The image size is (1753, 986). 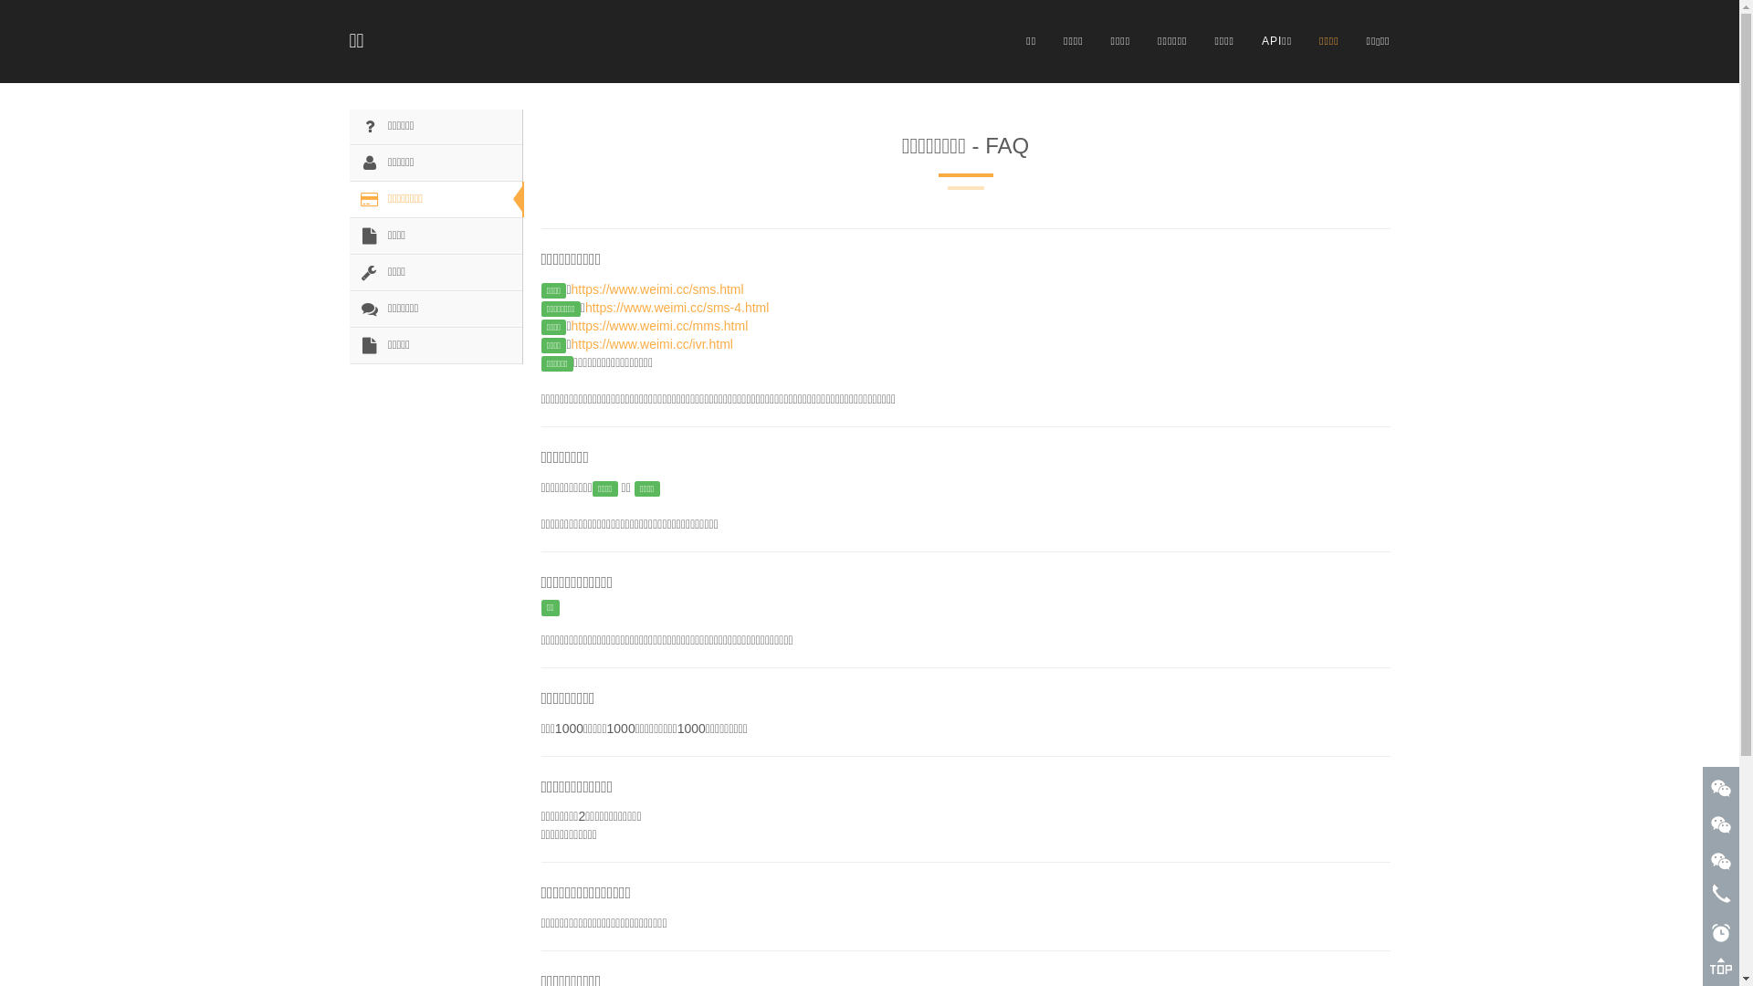 What do you see at coordinates (657, 288) in the screenshot?
I see `'https://www.weimi.cc/sms.html'` at bounding box center [657, 288].